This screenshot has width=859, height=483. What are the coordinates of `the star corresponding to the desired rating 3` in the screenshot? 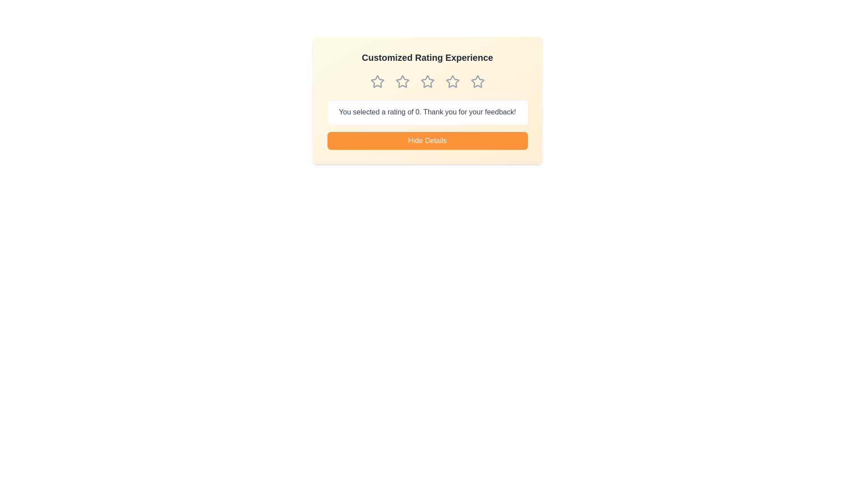 It's located at (427, 81).